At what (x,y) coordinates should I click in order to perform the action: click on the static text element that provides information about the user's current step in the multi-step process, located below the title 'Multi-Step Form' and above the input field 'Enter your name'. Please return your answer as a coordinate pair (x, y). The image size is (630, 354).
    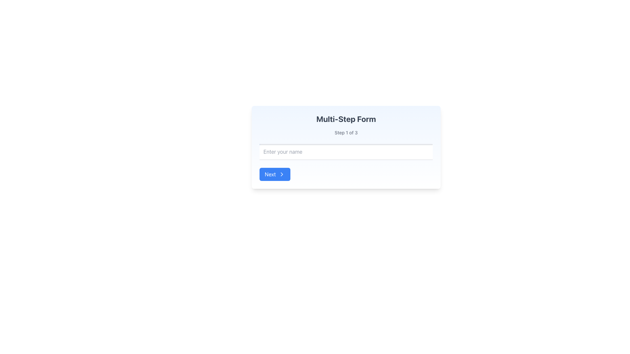
    Looking at the image, I should click on (346, 133).